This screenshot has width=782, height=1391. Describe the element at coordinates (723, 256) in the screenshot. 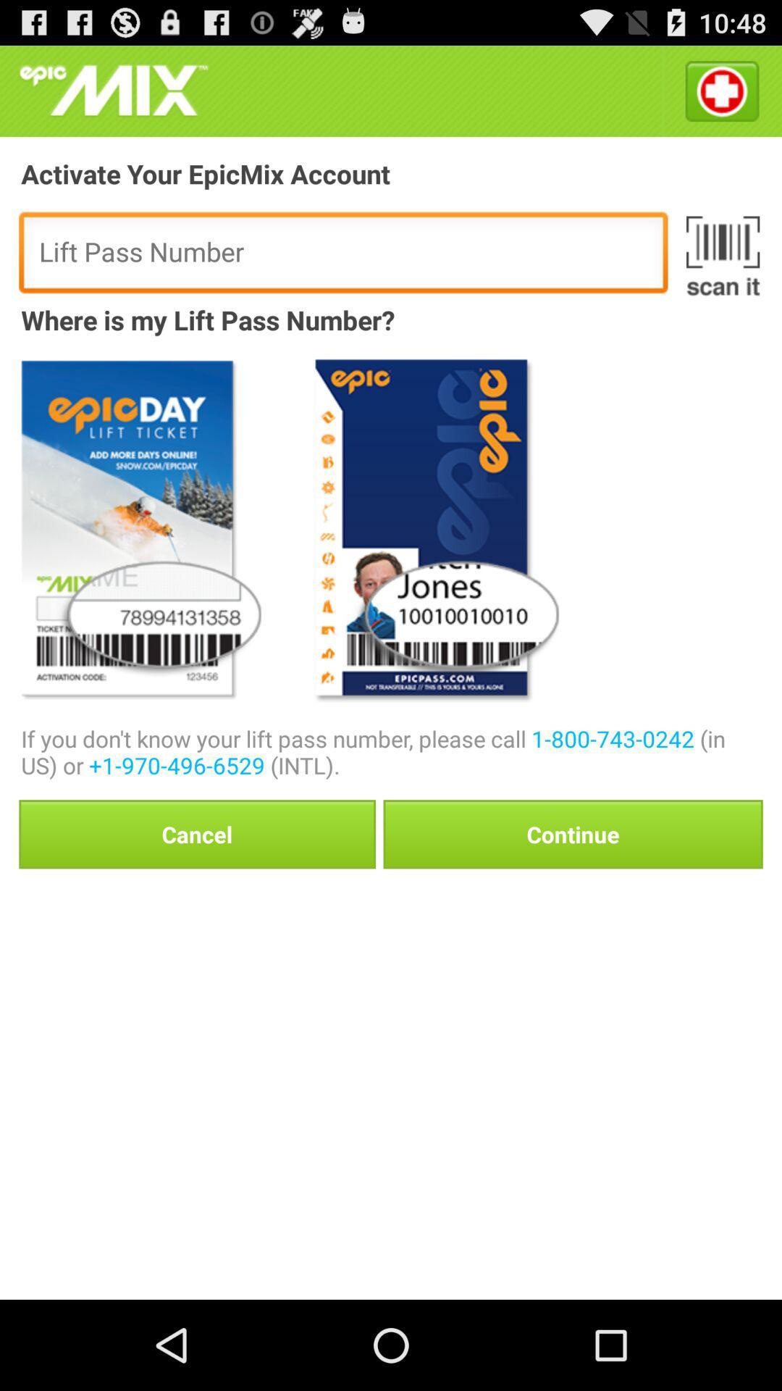

I see `the app above the where is my icon` at that location.